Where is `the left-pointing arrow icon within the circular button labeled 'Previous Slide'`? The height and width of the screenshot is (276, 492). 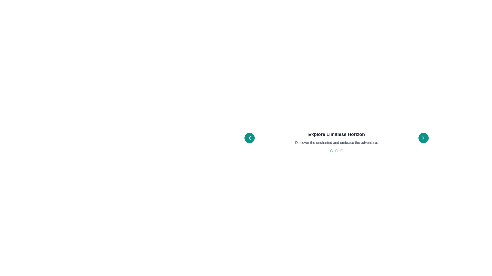 the left-pointing arrow icon within the circular button labeled 'Previous Slide' is located at coordinates (249, 138).